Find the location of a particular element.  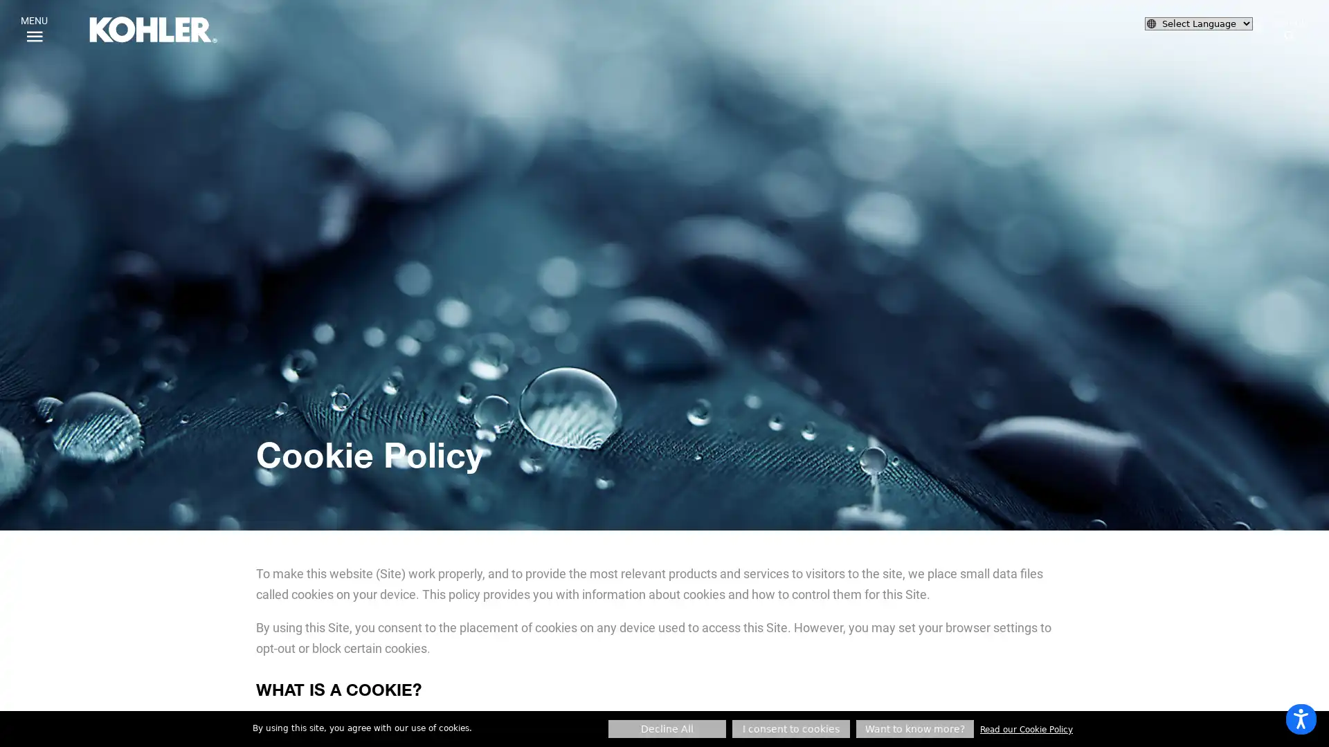

Decline All is located at coordinates (667, 728).